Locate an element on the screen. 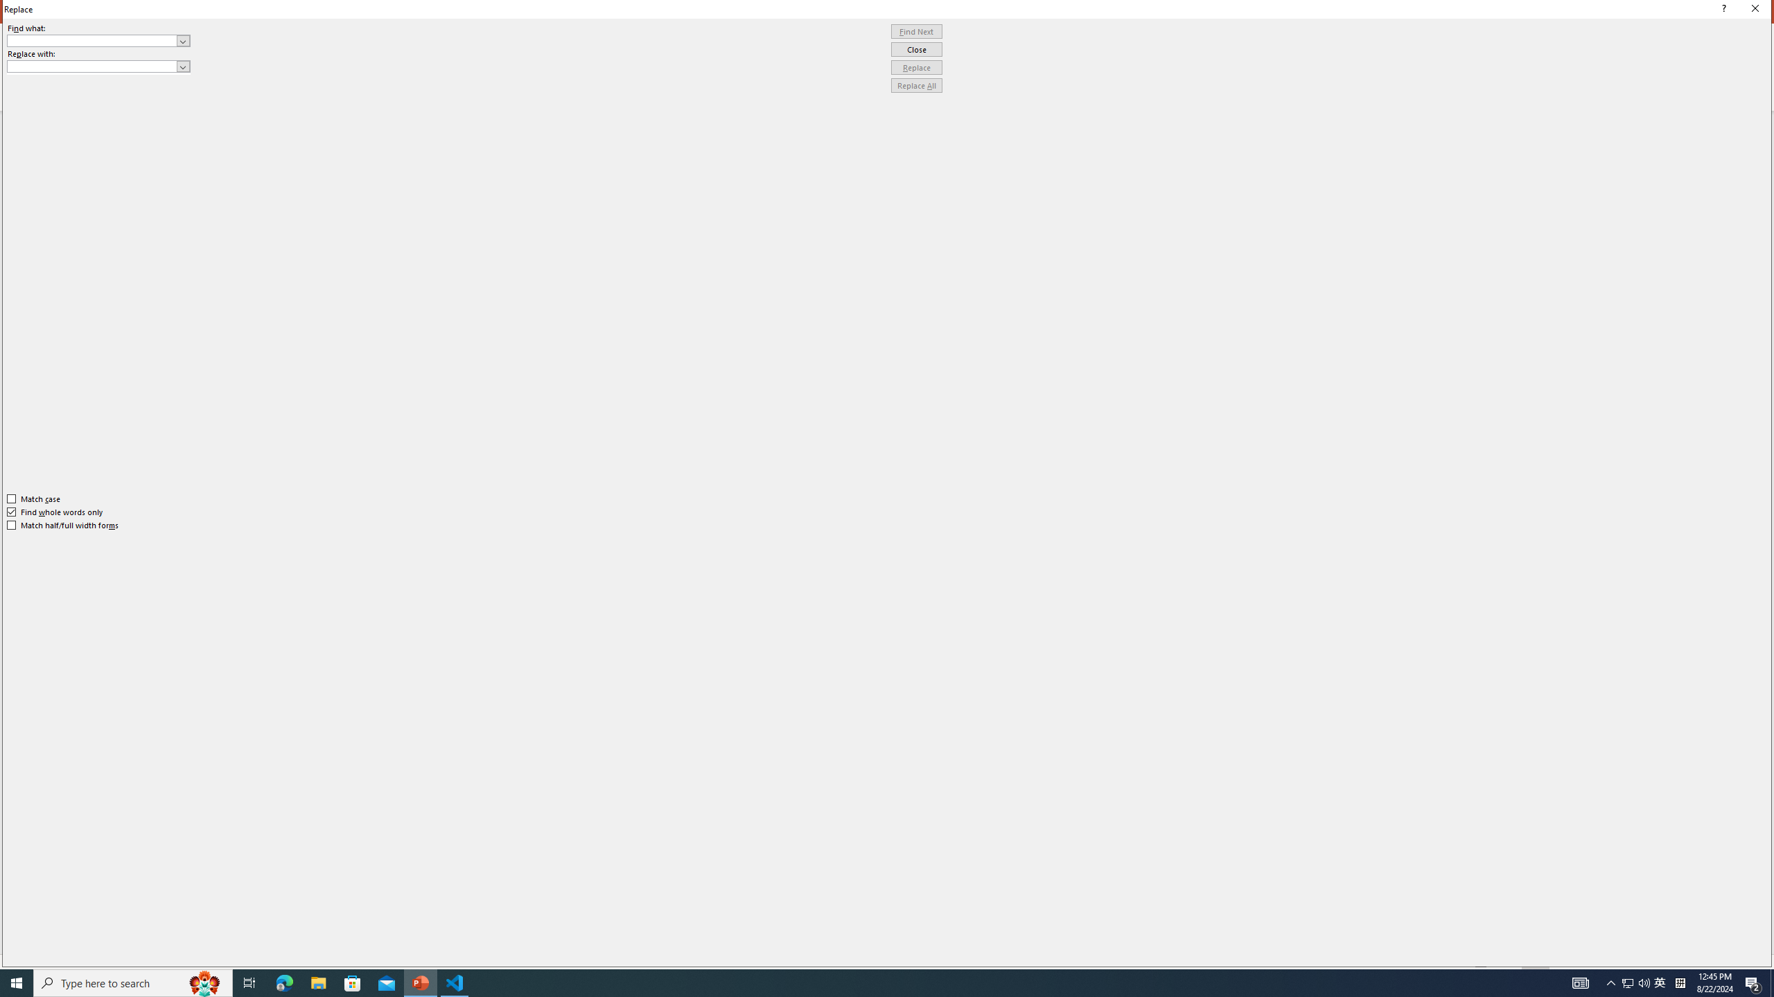 Image resolution: width=1774 pixels, height=997 pixels. 'Find Next' is located at coordinates (916, 31).